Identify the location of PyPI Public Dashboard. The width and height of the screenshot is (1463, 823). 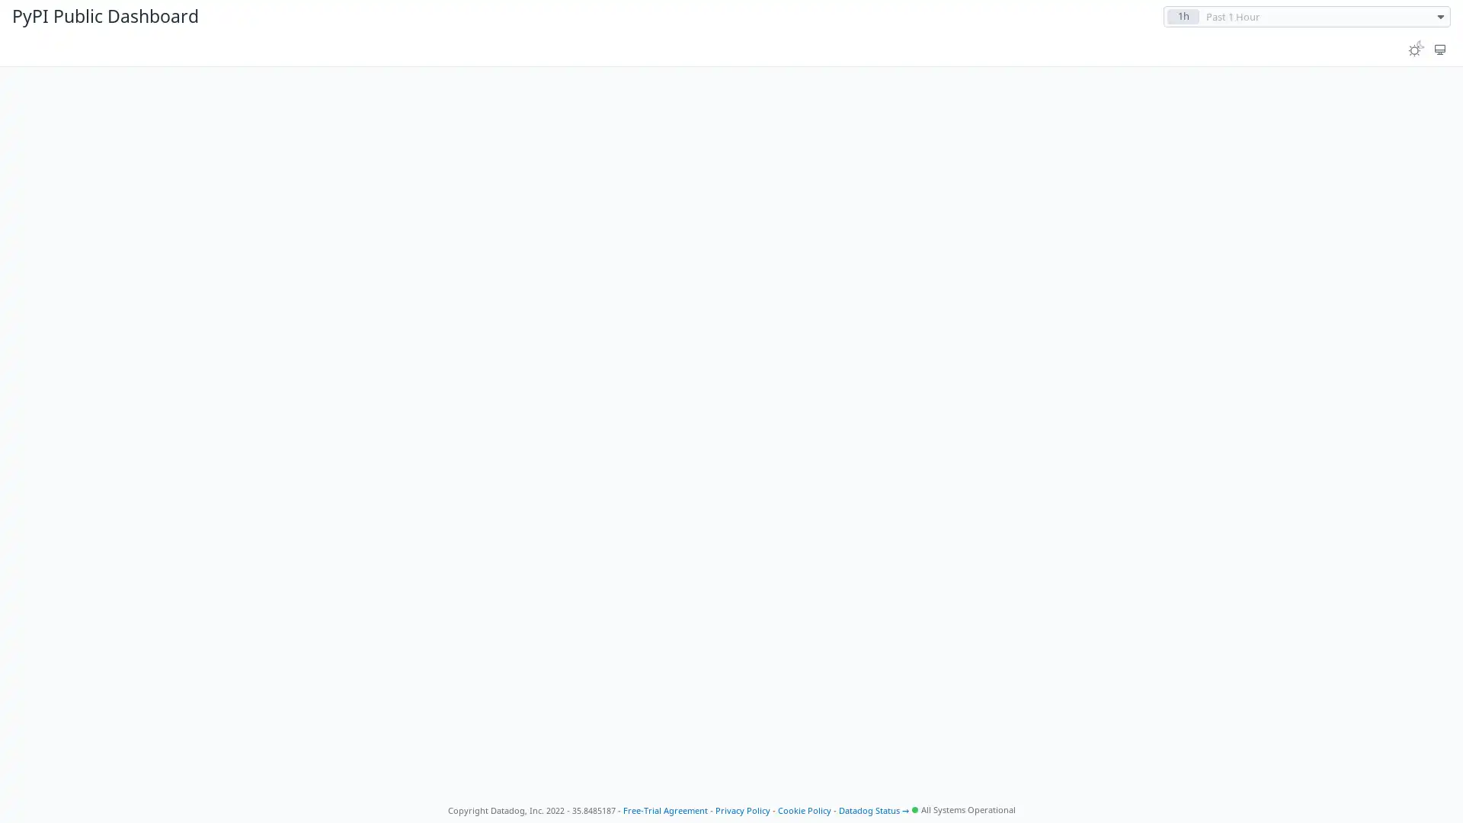
(107, 15).